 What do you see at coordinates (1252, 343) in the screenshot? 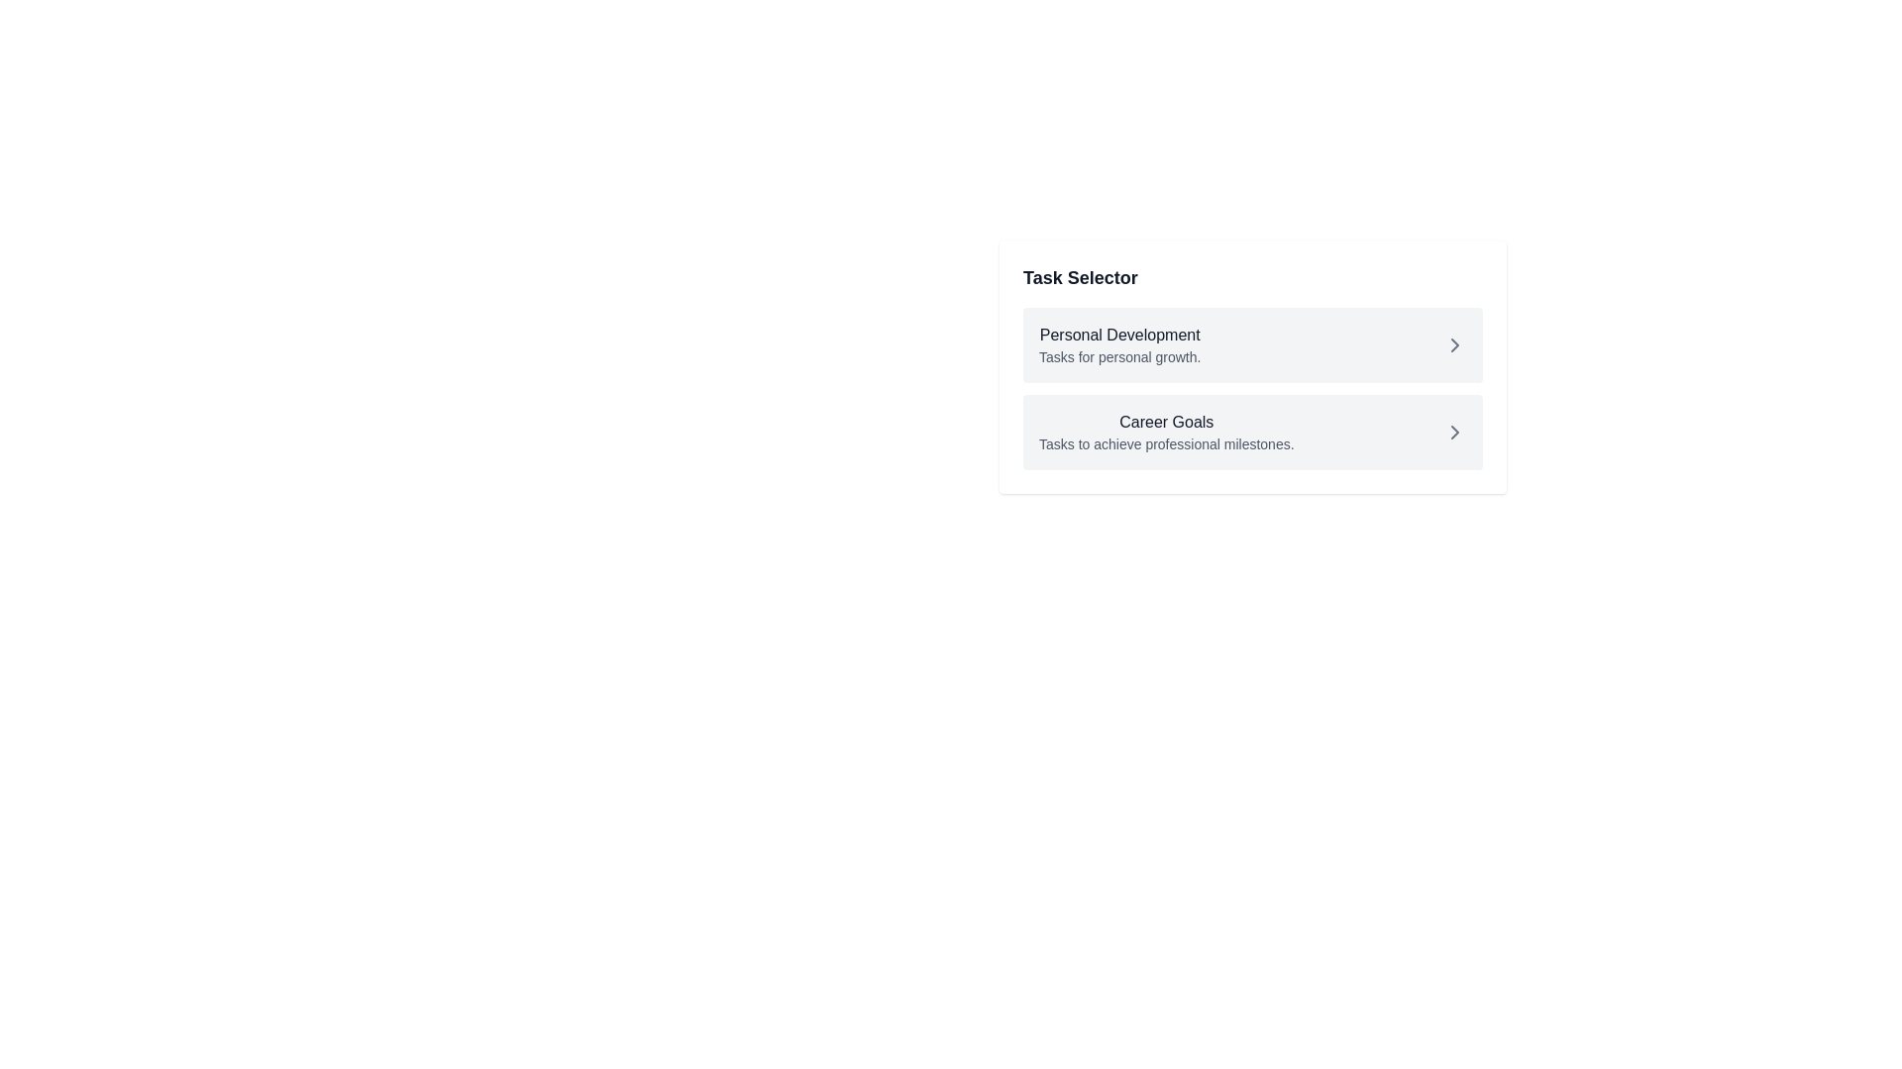
I see `to select the 'Personal Development' option from the interactive list item located at the top of the 'Task Selector' menu` at bounding box center [1252, 343].